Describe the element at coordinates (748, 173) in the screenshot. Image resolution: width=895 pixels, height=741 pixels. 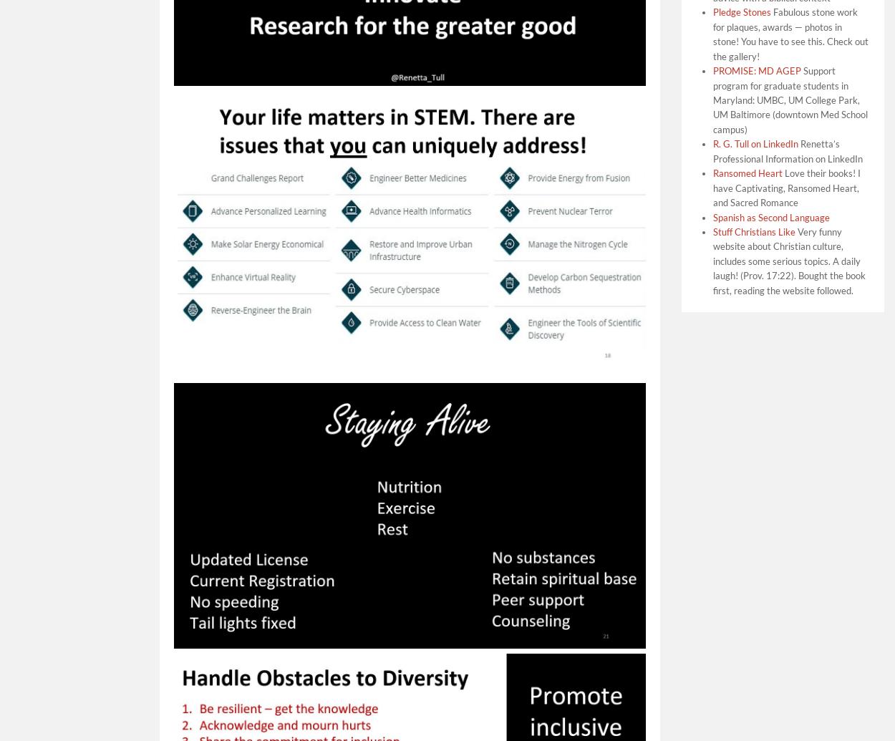
I see `'Ransomed Heart'` at that location.